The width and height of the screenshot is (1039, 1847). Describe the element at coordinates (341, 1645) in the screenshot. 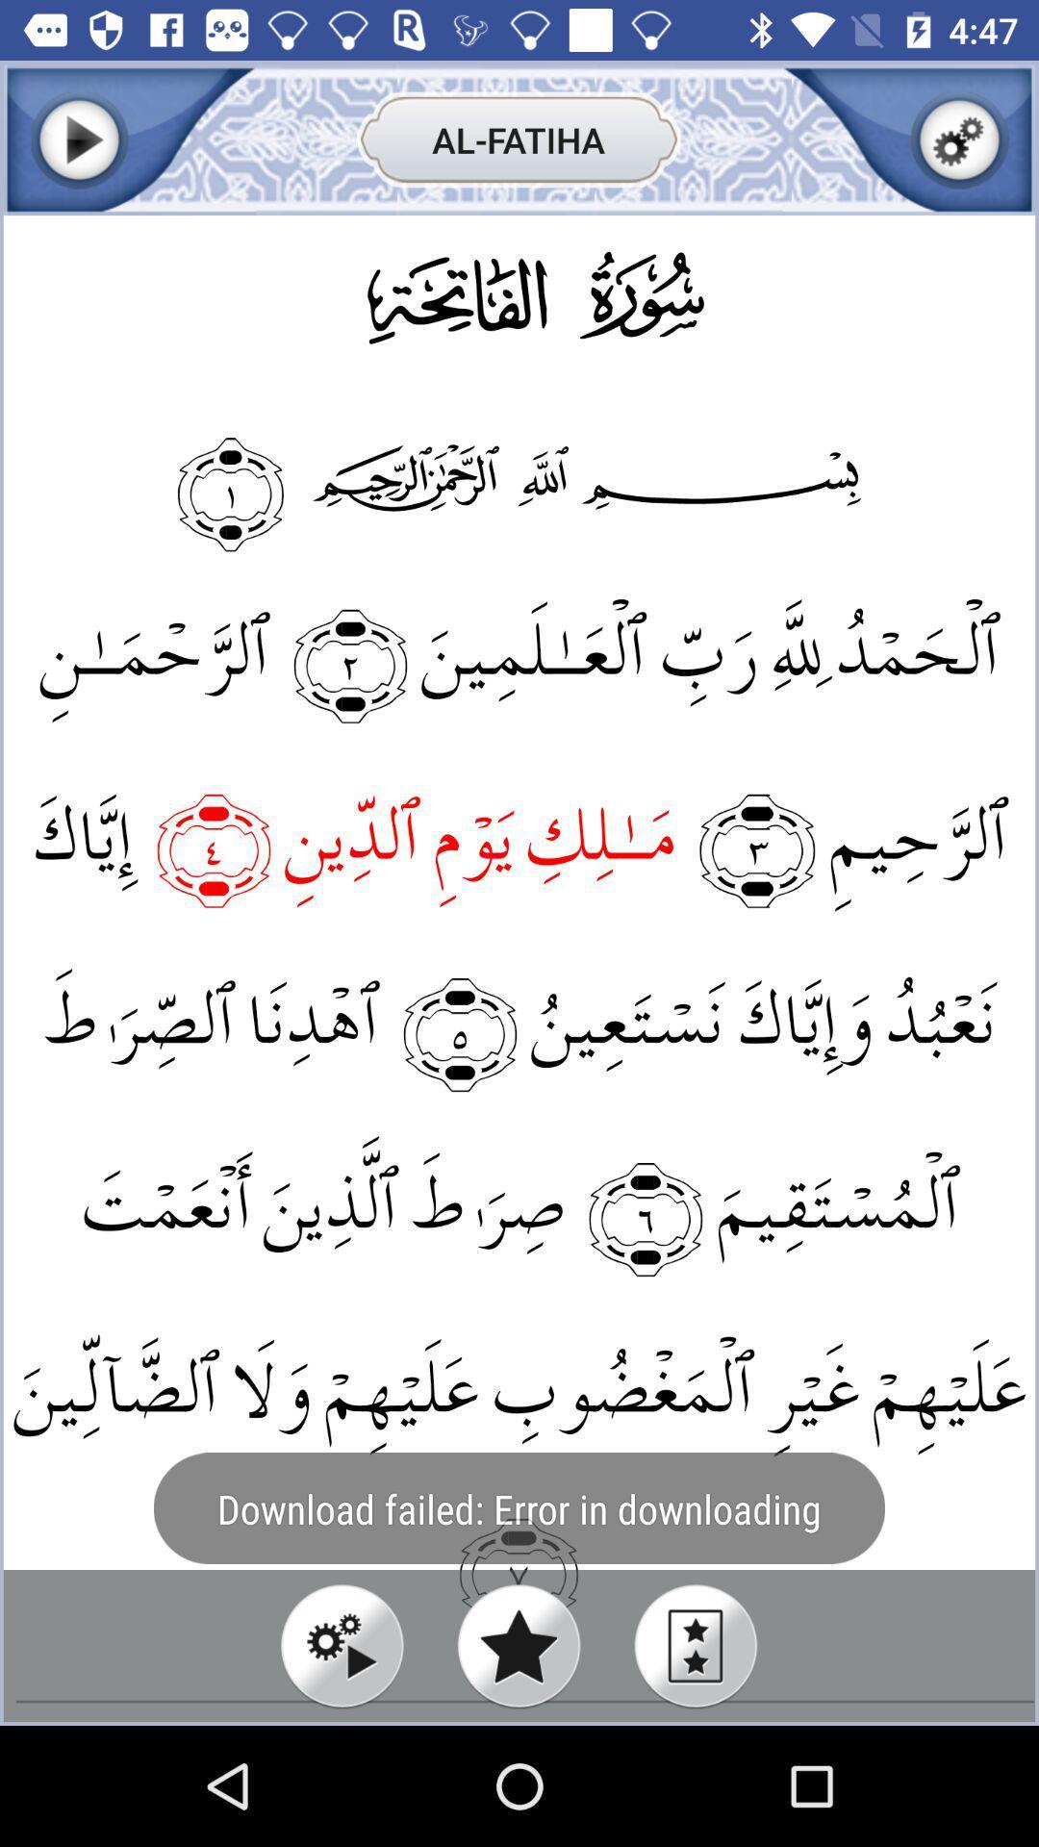

I see `play option` at that location.